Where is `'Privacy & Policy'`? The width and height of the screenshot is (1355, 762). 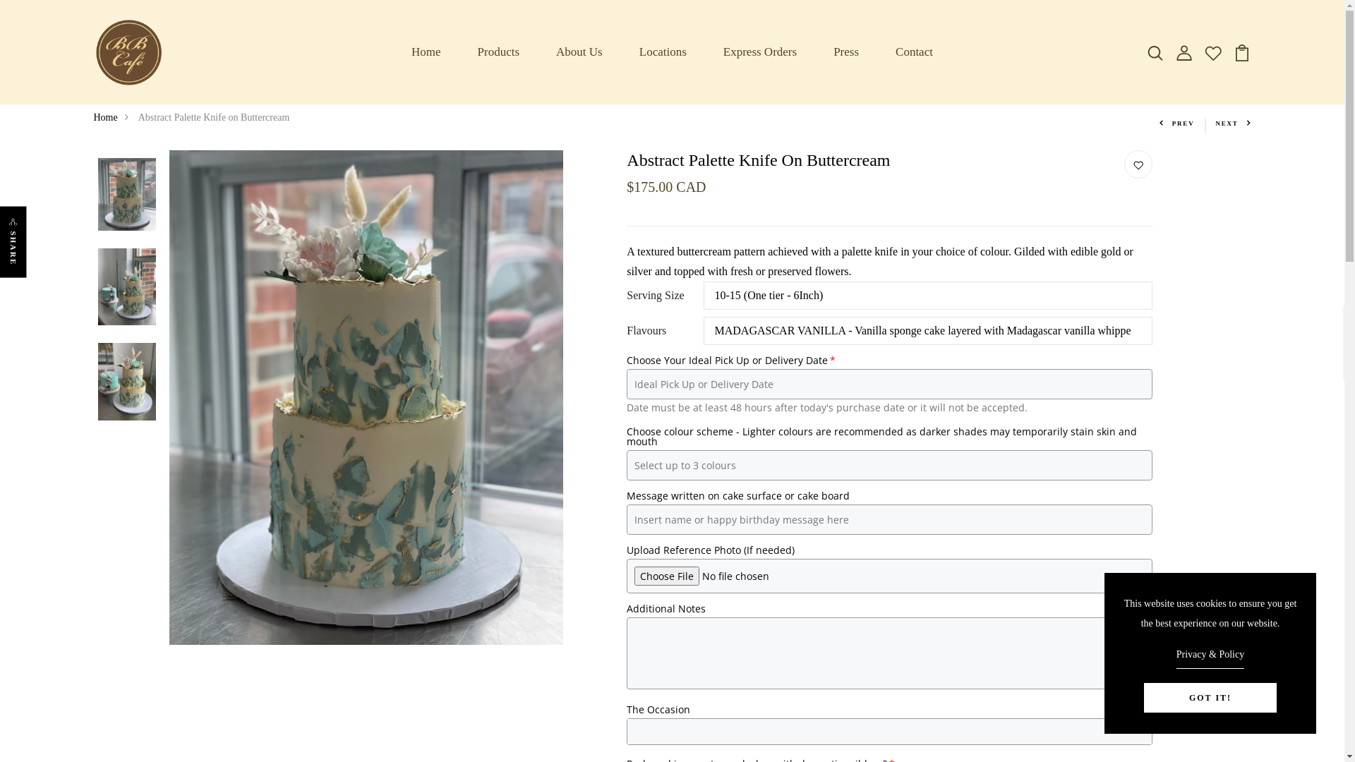 'Privacy & Policy' is located at coordinates (1209, 656).